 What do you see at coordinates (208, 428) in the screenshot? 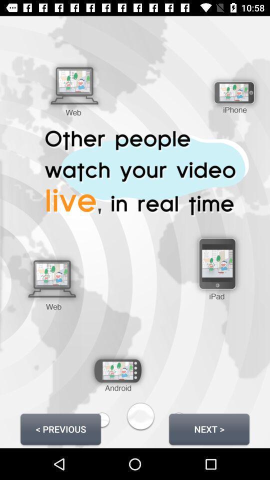
I see `icon to the right of the < previous button` at bounding box center [208, 428].